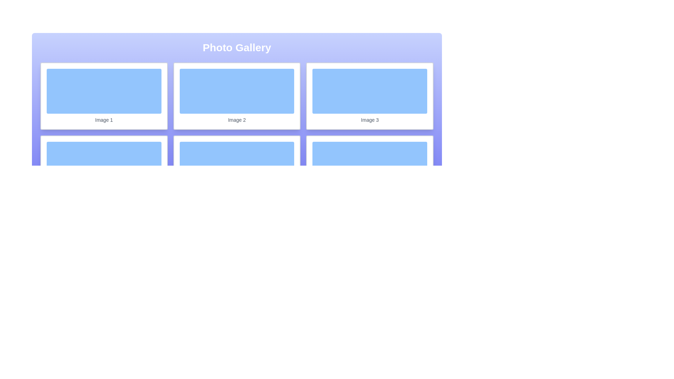 The width and height of the screenshot is (674, 379). What do you see at coordinates (369, 169) in the screenshot?
I see `the static display card labeled 'Image 6', which is the sixth card in a grid layout located at the bottom-right position` at bounding box center [369, 169].